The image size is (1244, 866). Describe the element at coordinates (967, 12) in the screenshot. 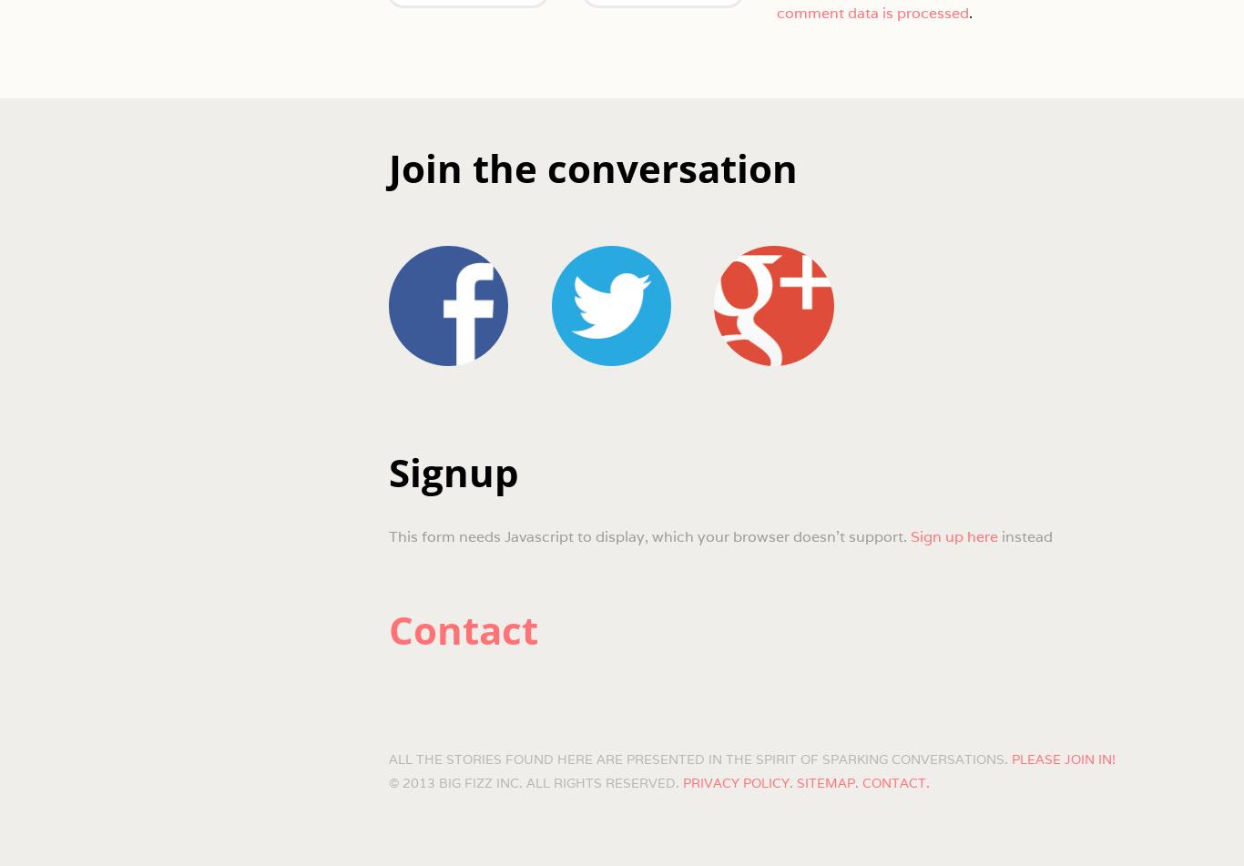

I see `'.'` at that location.